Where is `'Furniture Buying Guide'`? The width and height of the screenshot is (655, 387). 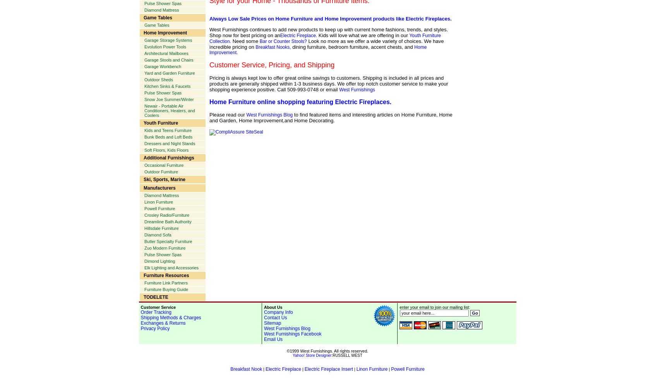 'Furniture Buying Guide' is located at coordinates (166, 289).